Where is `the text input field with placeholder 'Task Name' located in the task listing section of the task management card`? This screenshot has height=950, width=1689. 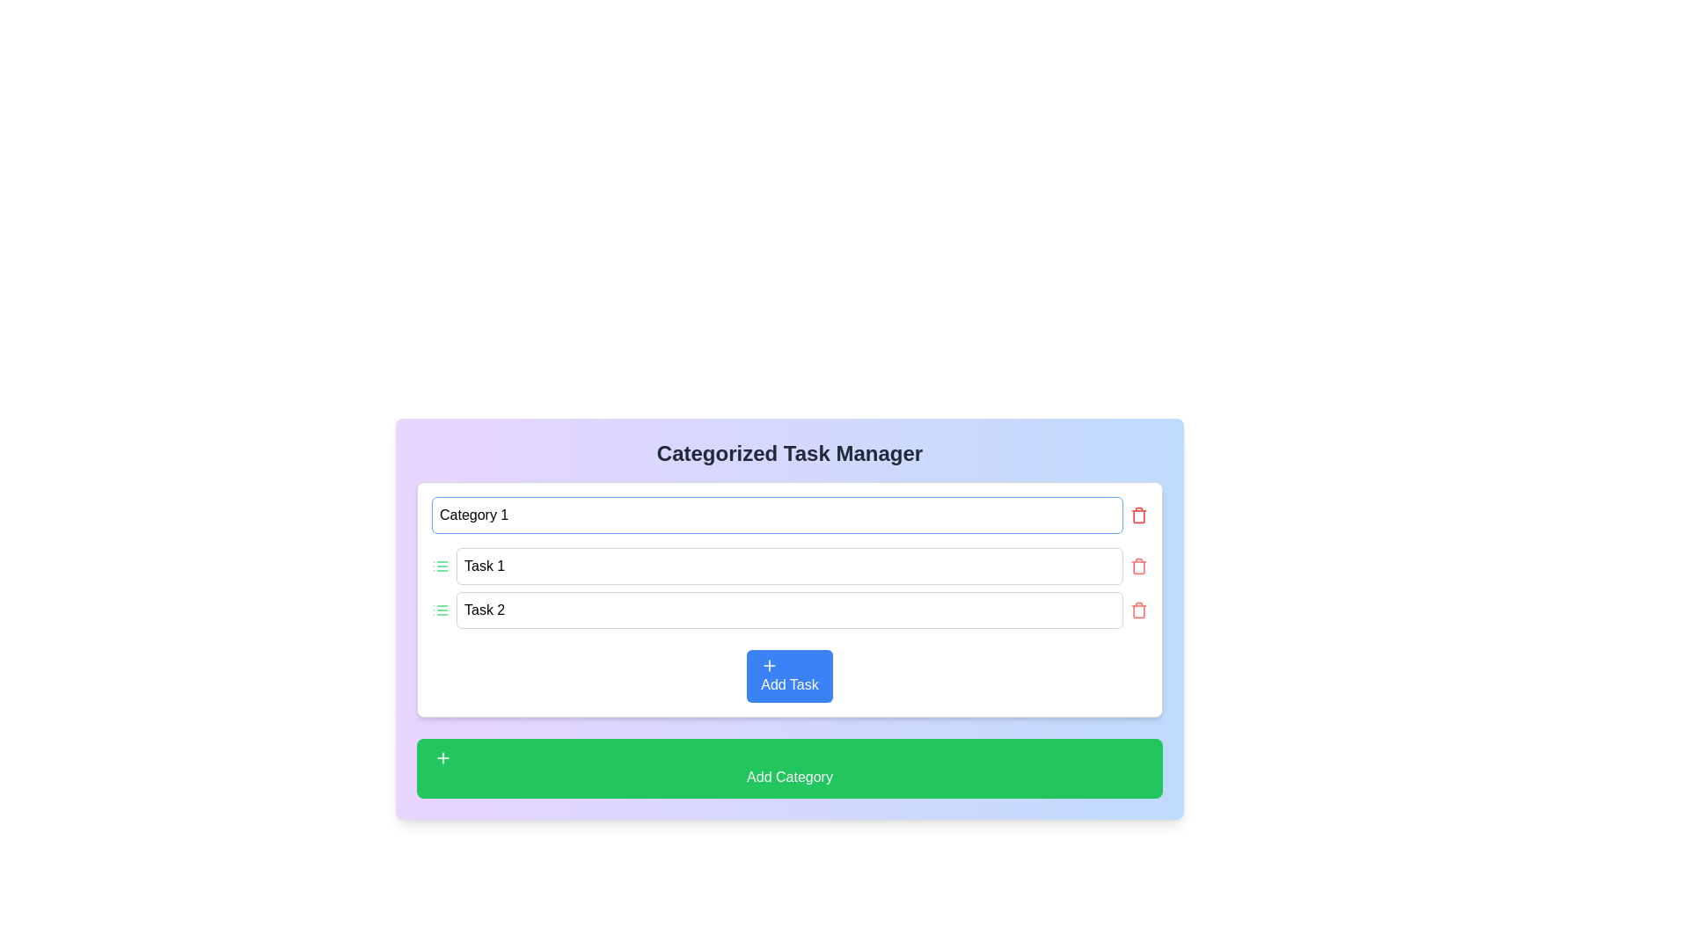 the text input field with placeholder 'Task Name' located in the task listing section of the task management card is located at coordinates (788, 588).